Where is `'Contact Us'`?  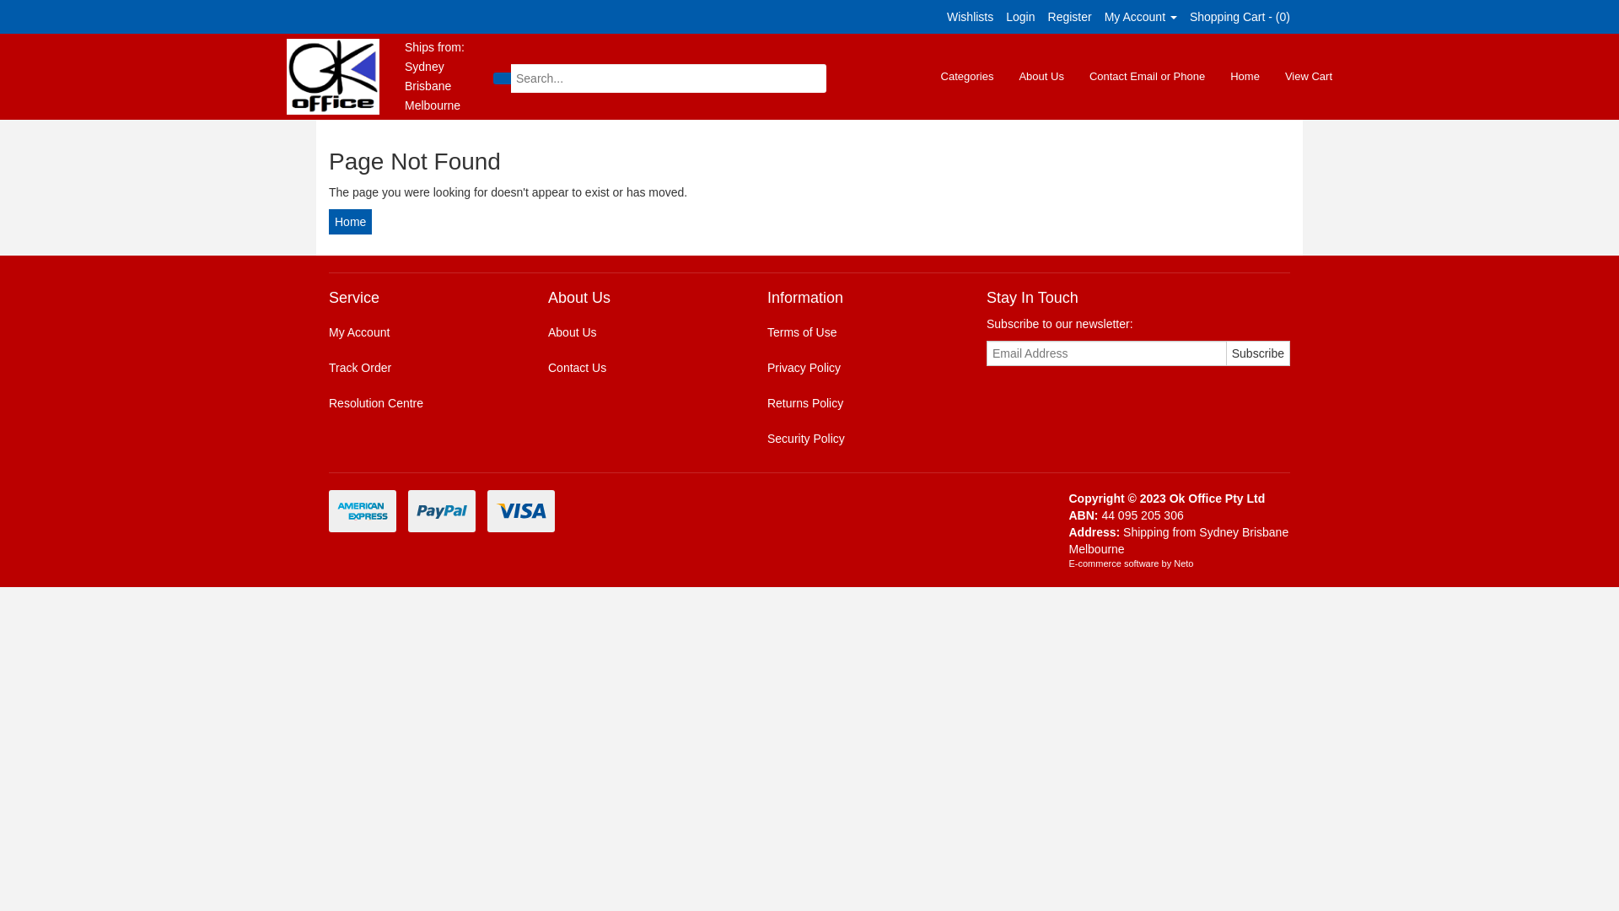
'Contact Us' is located at coordinates (637, 366).